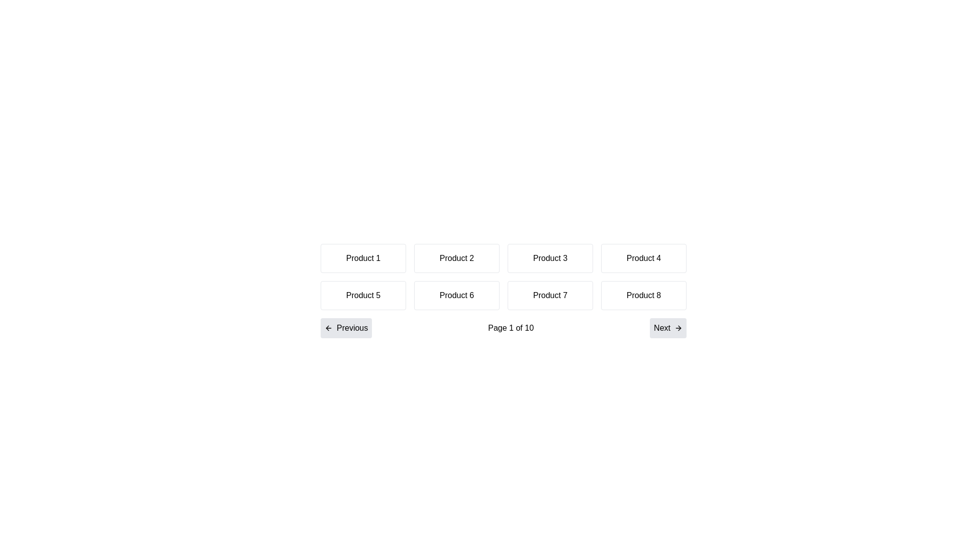 The height and width of the screenshot is (542, 965). What do you see at coordinates (456, 295) in the screenshot?
I see `the labeled box containing the text 'Product 6', which is positioned in the second row and second column of a 4-column grid layout` at bounding box center [456, 295].